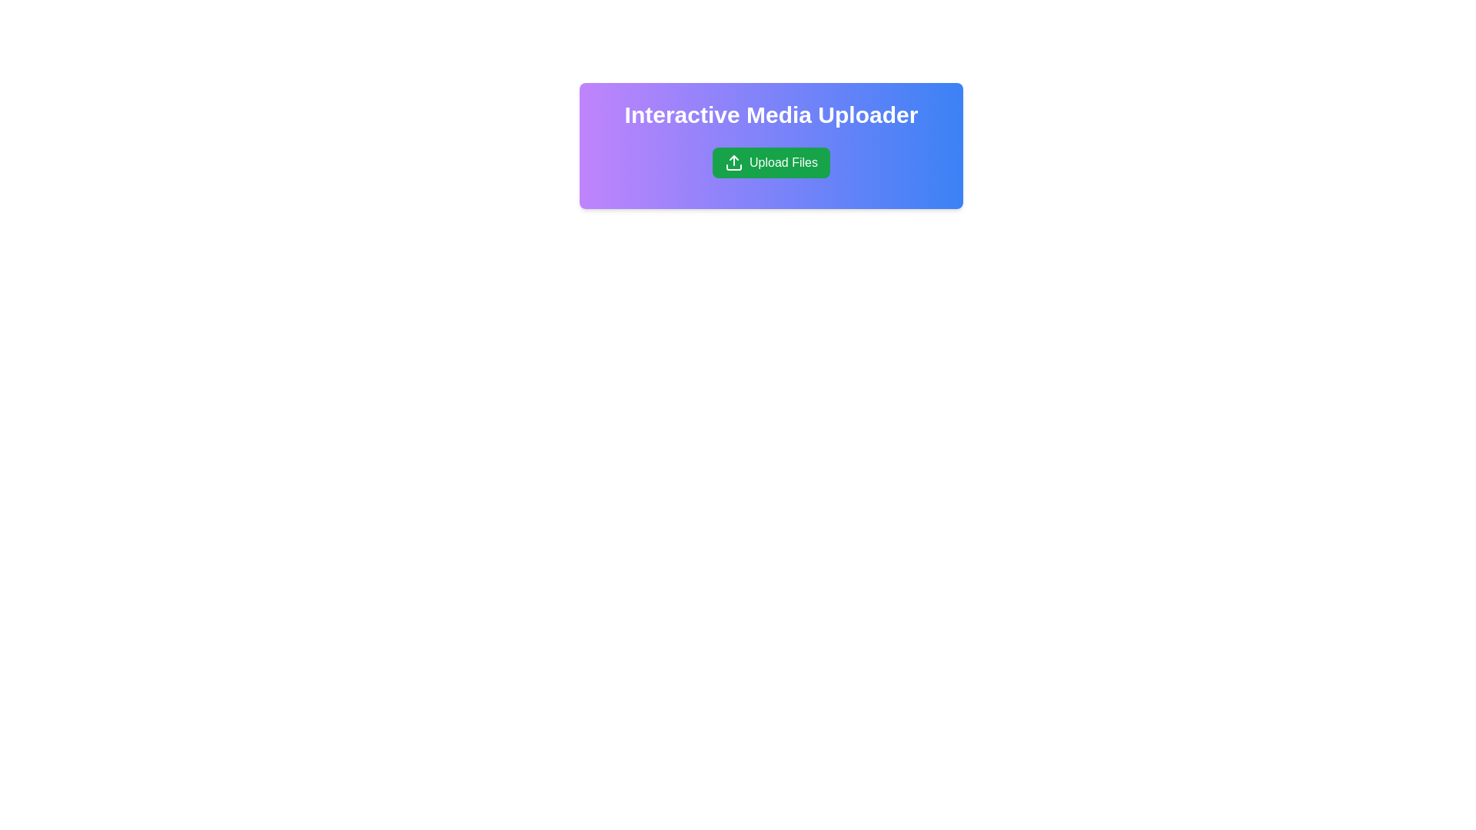 Image resolution: width=1476 pixels, height=830 pixels. Describe the element at coordinates (733, 163) in the screenshot. I see `the Upload Icon embedded within the green 'Upload Files' button, which serves as a visual indicator for uploading files` at that location.